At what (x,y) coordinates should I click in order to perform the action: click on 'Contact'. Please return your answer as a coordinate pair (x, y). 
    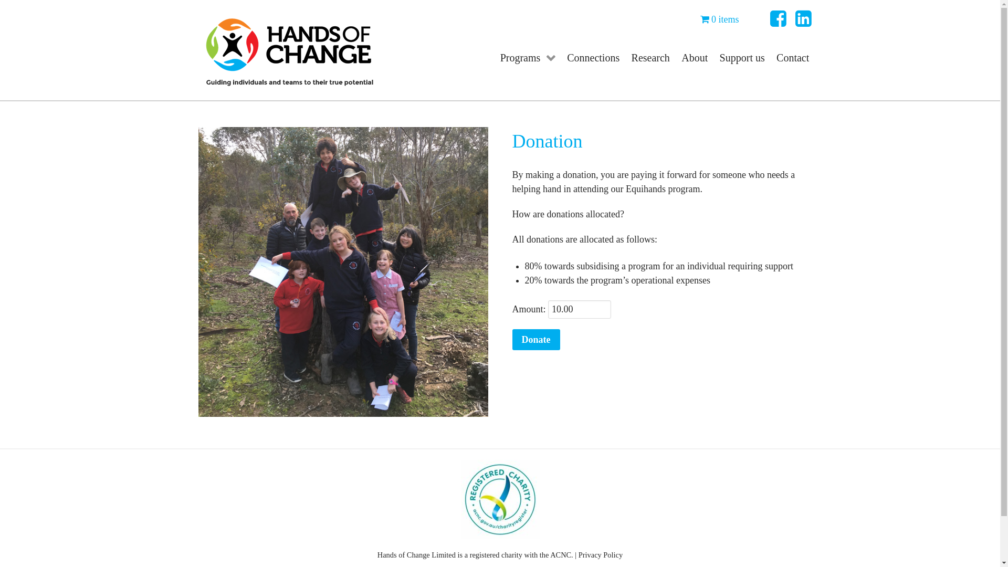
    Looking at the image, I should click on (793, 57).